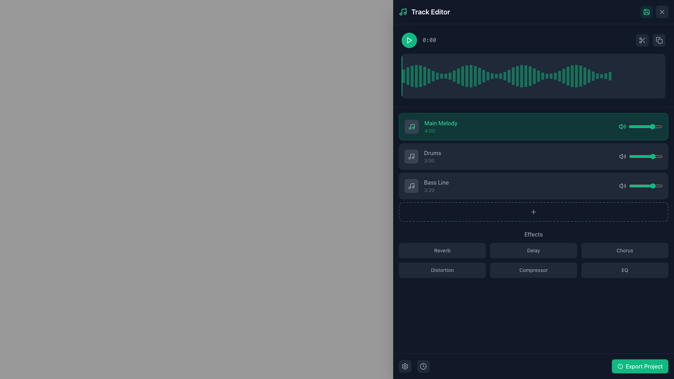  What do you see at coordinates (564, 76) in the screenshot?
I see `the 46th green vertical Waveform bar segment in the waveform visualization, which is located in the top section of the interface above the track list` at bounding box center [564, 76].